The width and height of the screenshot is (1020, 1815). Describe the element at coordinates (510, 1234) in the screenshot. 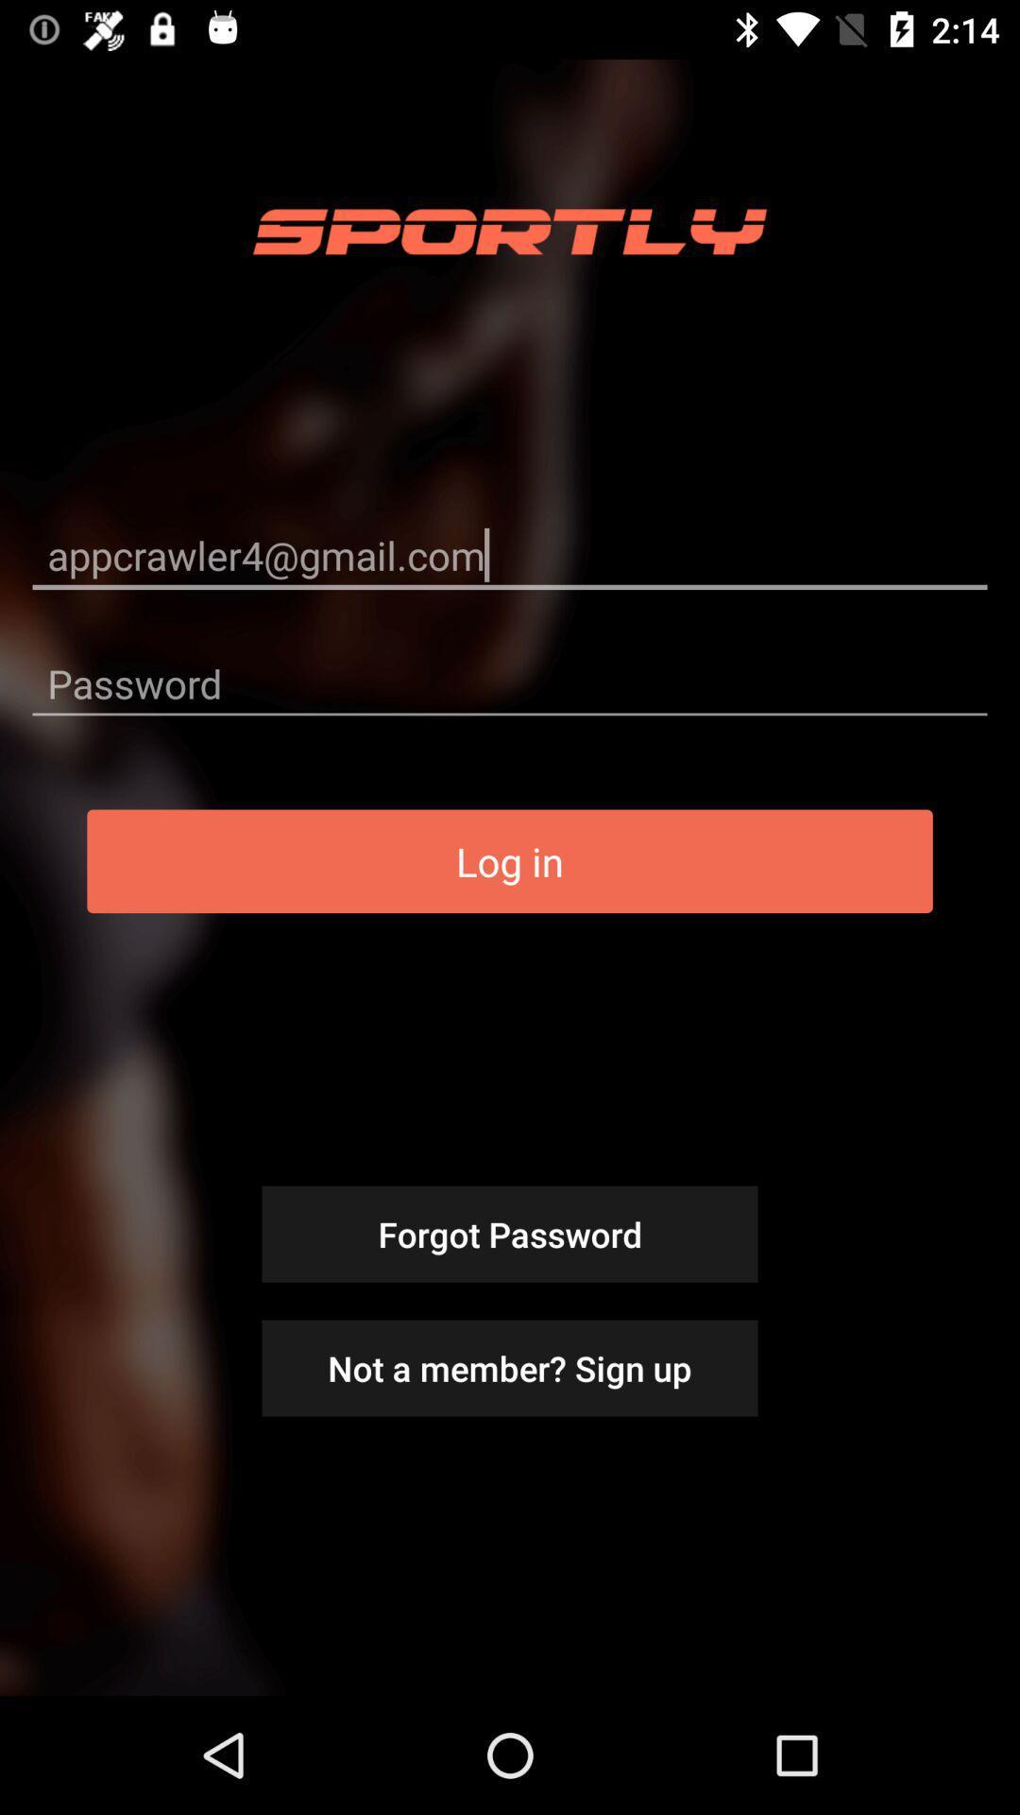

I see `item above the not a member` at that location.